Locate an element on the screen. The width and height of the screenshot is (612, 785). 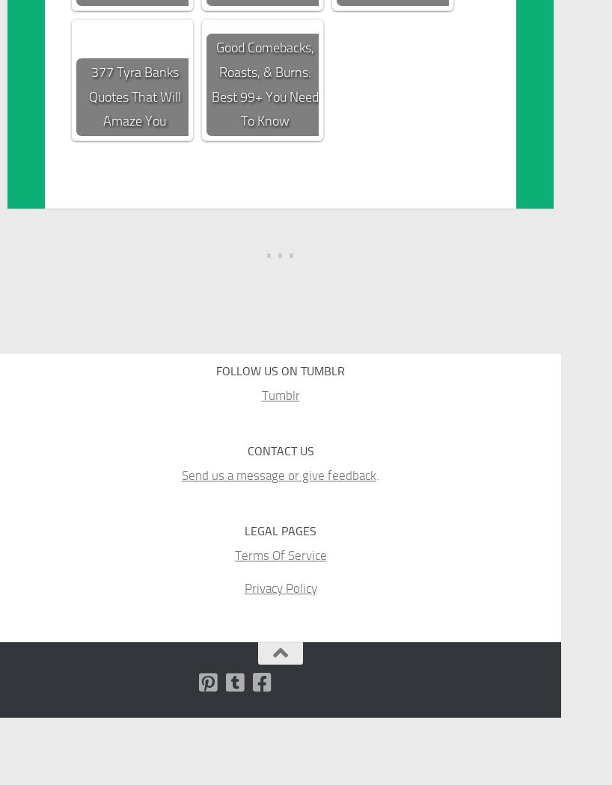
'Good Comebacks, Roasts, & Burns: Best 99+ You Need To Know' is located at coordinates (264, 84).